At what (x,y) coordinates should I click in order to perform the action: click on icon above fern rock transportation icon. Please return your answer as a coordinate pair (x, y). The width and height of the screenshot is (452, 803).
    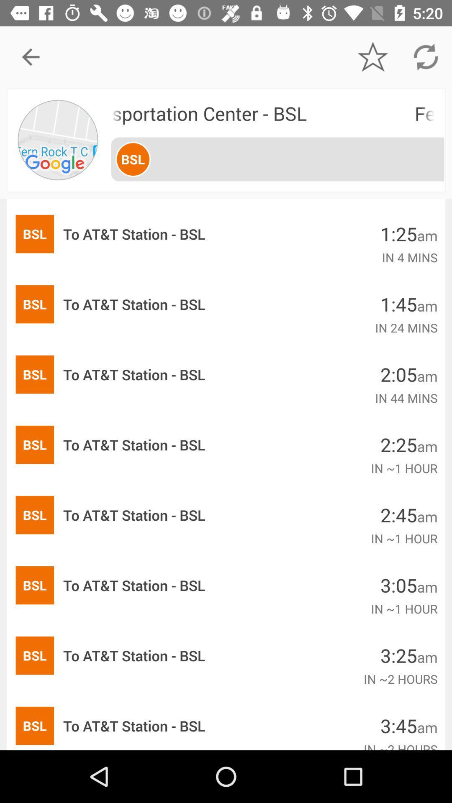
    Looking at the image, I should click on (372, 56).